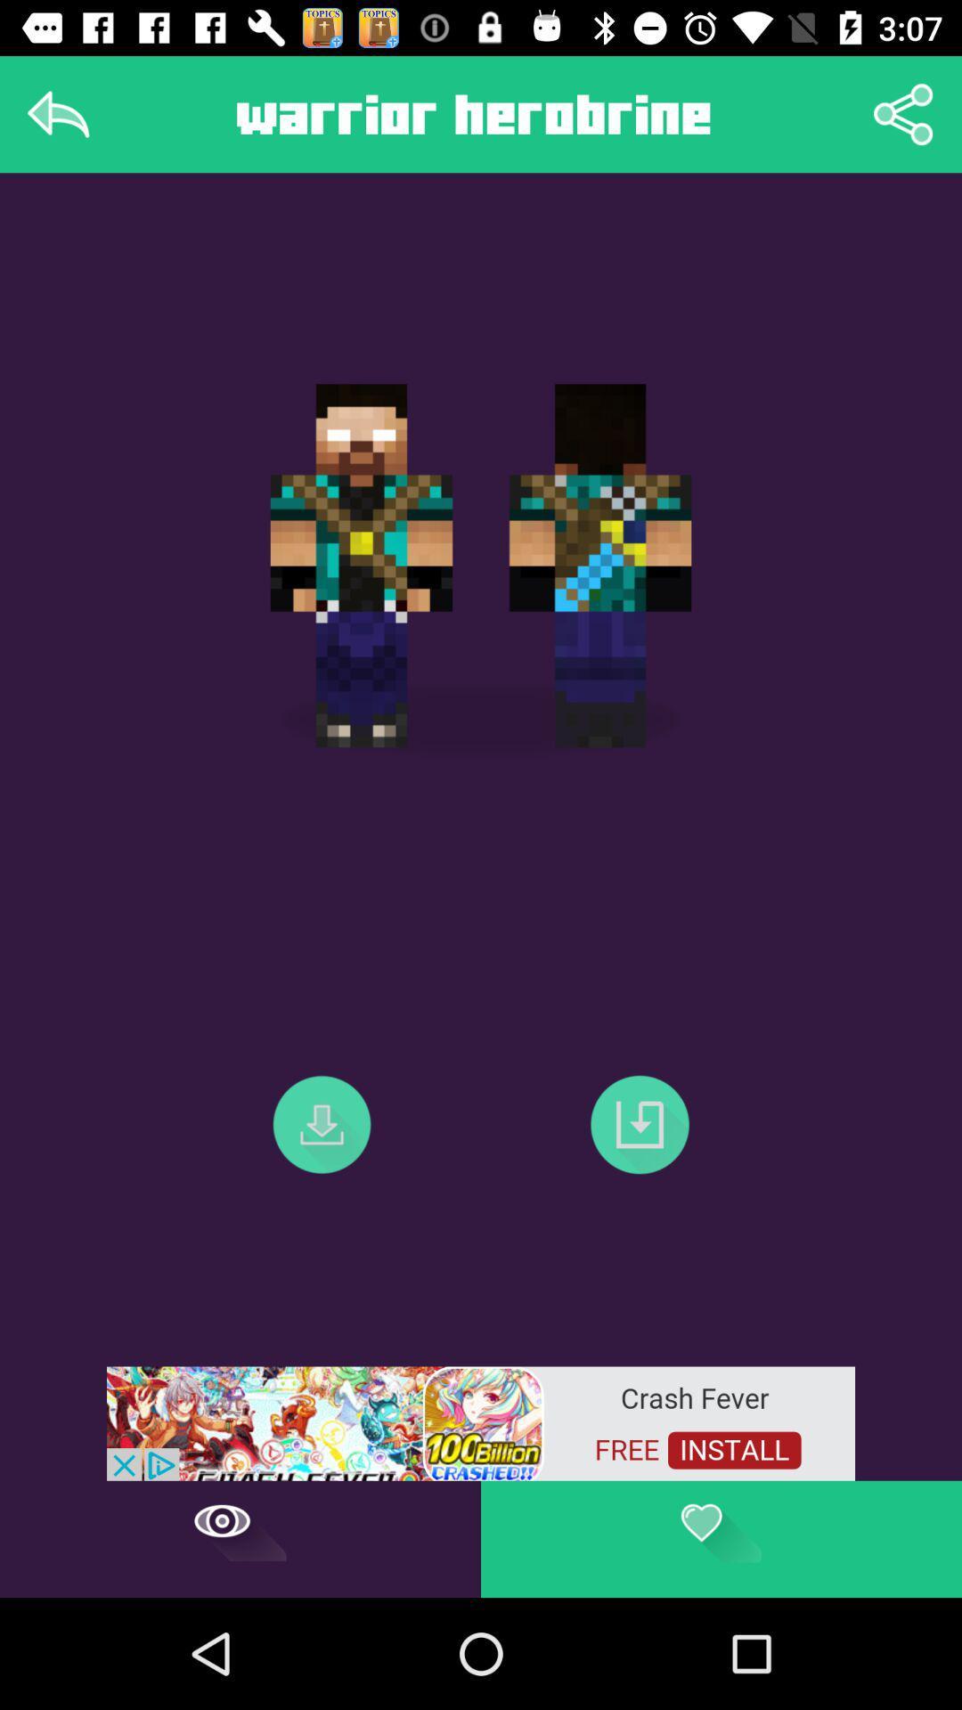  I want to click on the reply icon, so click(57, 113).